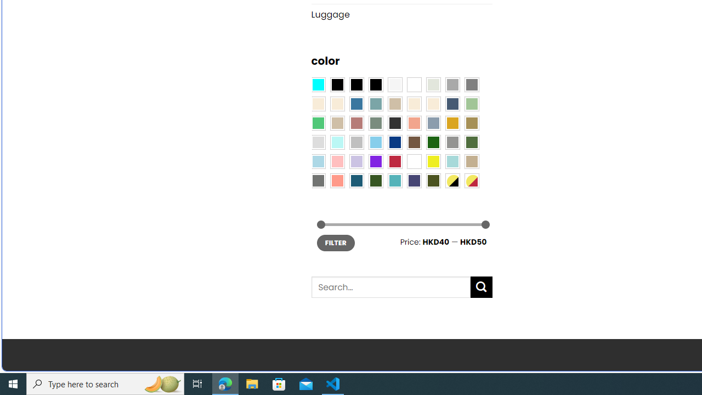  Describe the element at coordinates (317, 84) in the screenshot. I see `'Aqua Blue'` at that location.